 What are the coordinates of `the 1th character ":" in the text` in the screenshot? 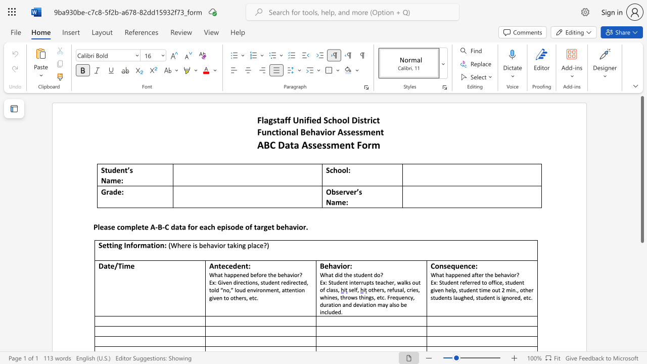 It's located at (347, 202).